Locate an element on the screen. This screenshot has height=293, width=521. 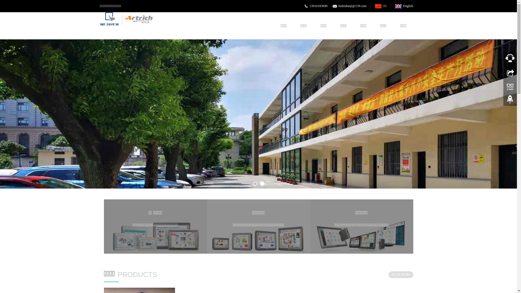
'13916183699' is located at coordinates (319, 6).